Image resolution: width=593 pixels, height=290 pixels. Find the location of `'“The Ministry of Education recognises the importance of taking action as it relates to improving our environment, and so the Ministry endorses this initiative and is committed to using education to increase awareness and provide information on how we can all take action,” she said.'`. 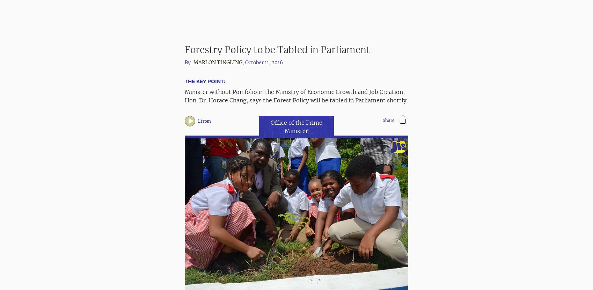

'“The Ministry of Education recognises the importance of taking action as it relates to improving our environment, and so the Ministry endorses this initiative and is committed to using education to increase awareness and provide information on how we can all take action,” she said.' is located at coordinates (184, 129).